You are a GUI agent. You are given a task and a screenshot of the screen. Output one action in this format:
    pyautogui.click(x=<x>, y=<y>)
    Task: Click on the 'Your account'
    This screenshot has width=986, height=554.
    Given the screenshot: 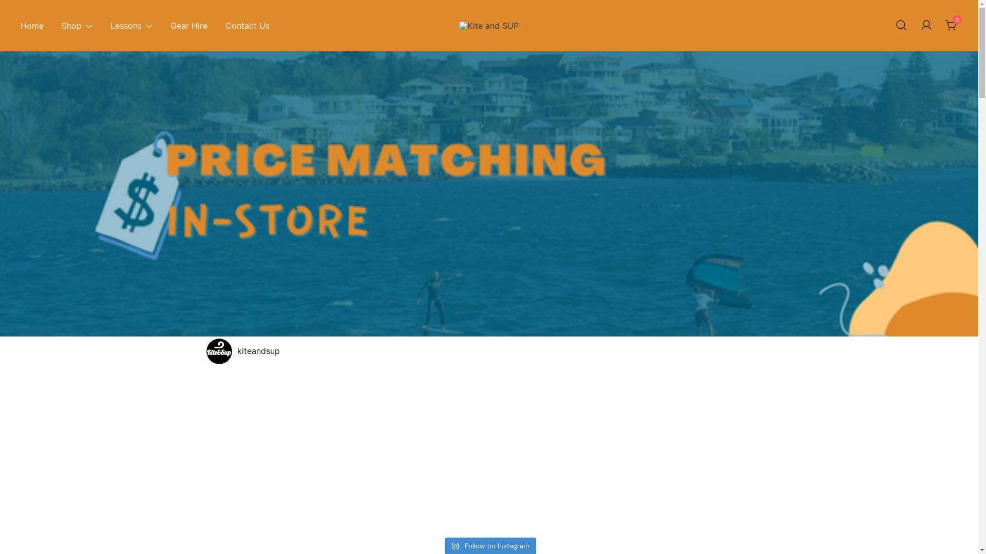 What is the action you would take?
    pyautogui.click(x=920, y=25)
    